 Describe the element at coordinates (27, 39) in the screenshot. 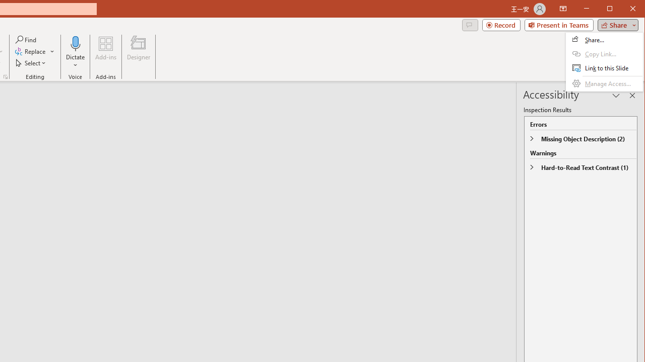

I see `'Find...'` at that location.